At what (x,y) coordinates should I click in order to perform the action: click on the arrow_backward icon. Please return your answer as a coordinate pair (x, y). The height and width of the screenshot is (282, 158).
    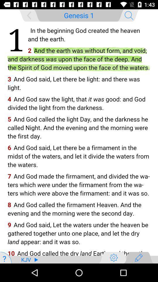
    Looking at the image, I should click on (29, 15).